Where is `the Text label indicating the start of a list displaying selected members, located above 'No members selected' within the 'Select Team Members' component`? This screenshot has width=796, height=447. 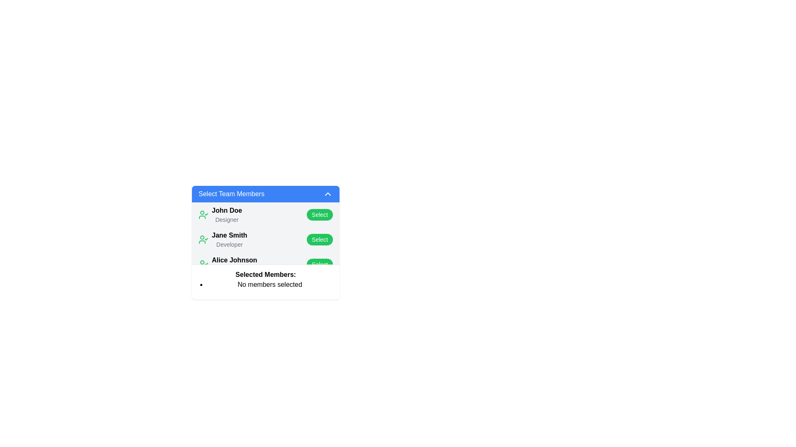
the Text label indicating the start of a list displaying selected members, located above 'No members selected' within the 'Select Team Members' component is located at coordinates (266, 274).